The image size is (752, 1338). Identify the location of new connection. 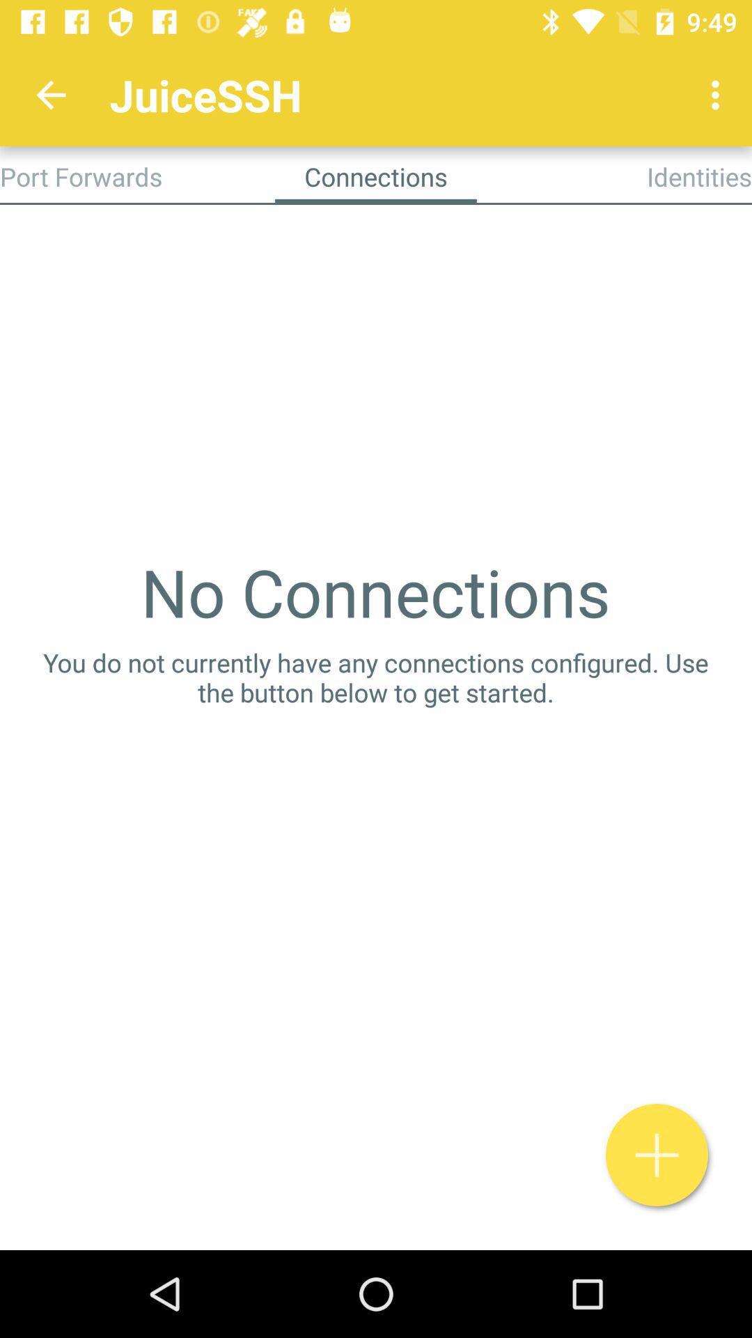
(657, 1155).